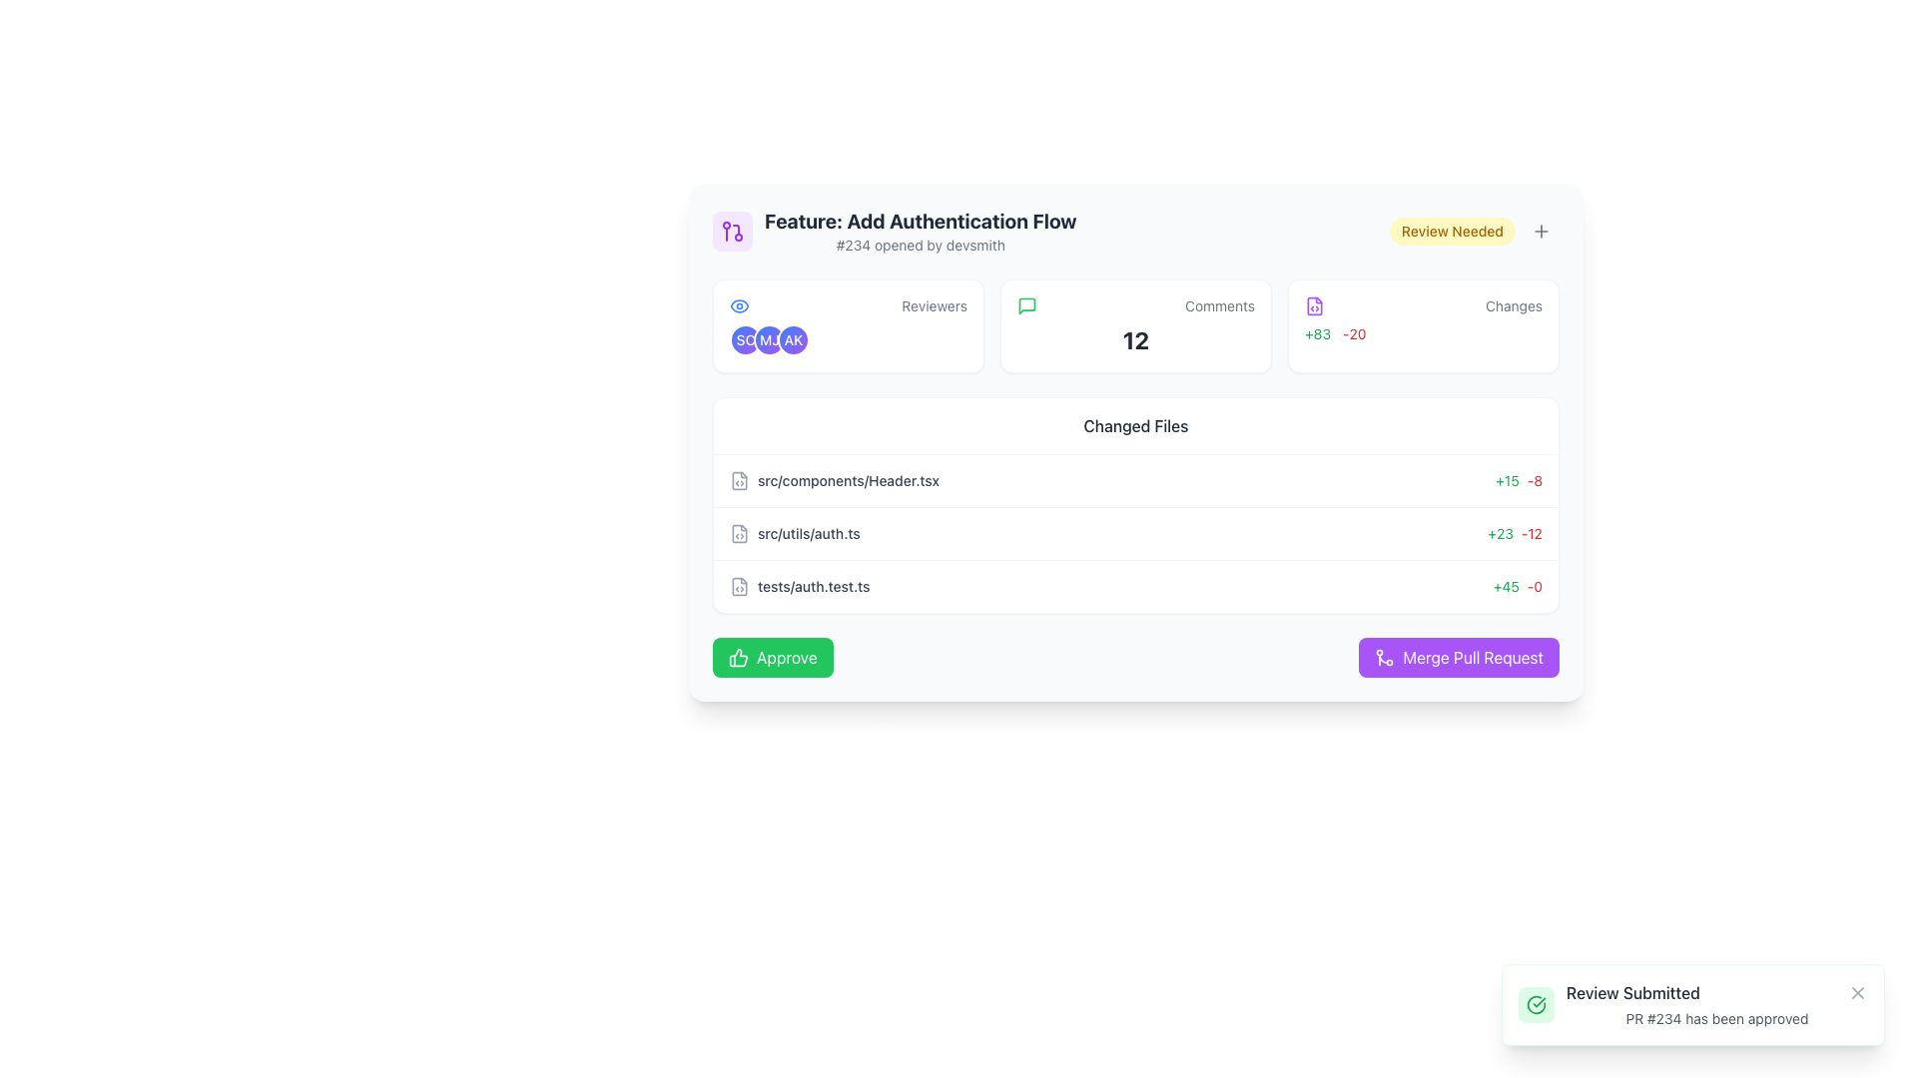 Image resolution: width=1917 pixels, height=1078 pixels. I want to click on the Avatar badge with the letters 'SC' in white text, which is the first badge in a row of three badges in the 'Reviewers' section, so click(745, 338).